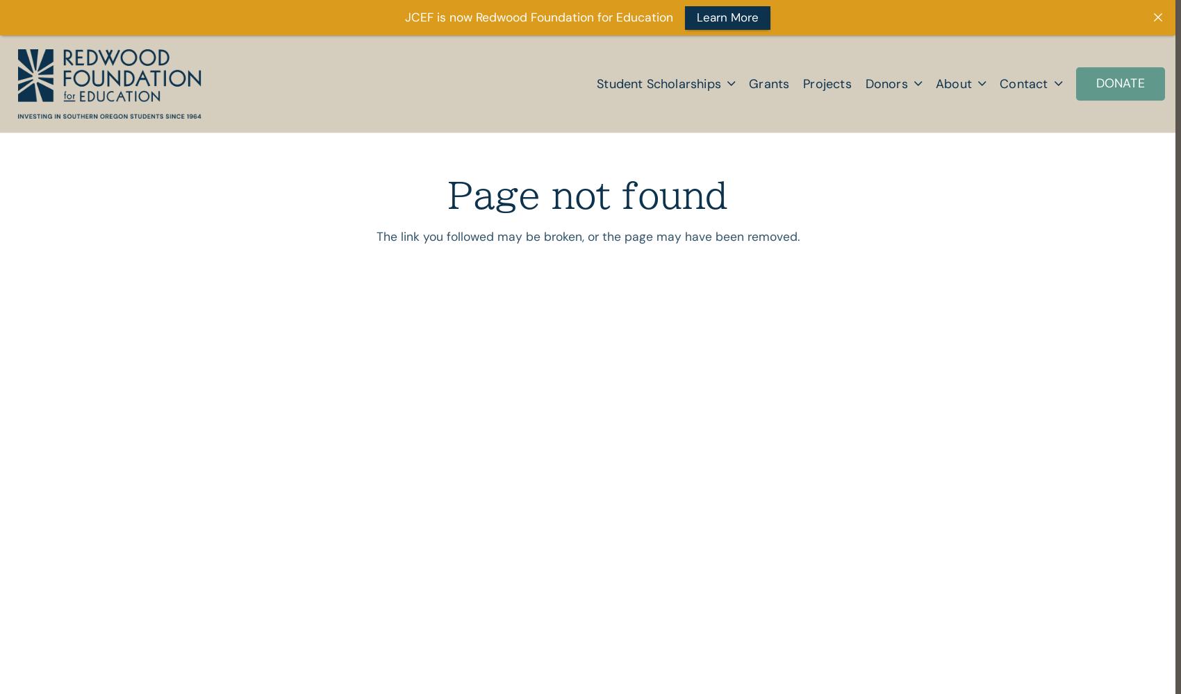 The height and width of the screenshot is (694, 1181). I want to click on 'Board of Directors', so click(942, 239).